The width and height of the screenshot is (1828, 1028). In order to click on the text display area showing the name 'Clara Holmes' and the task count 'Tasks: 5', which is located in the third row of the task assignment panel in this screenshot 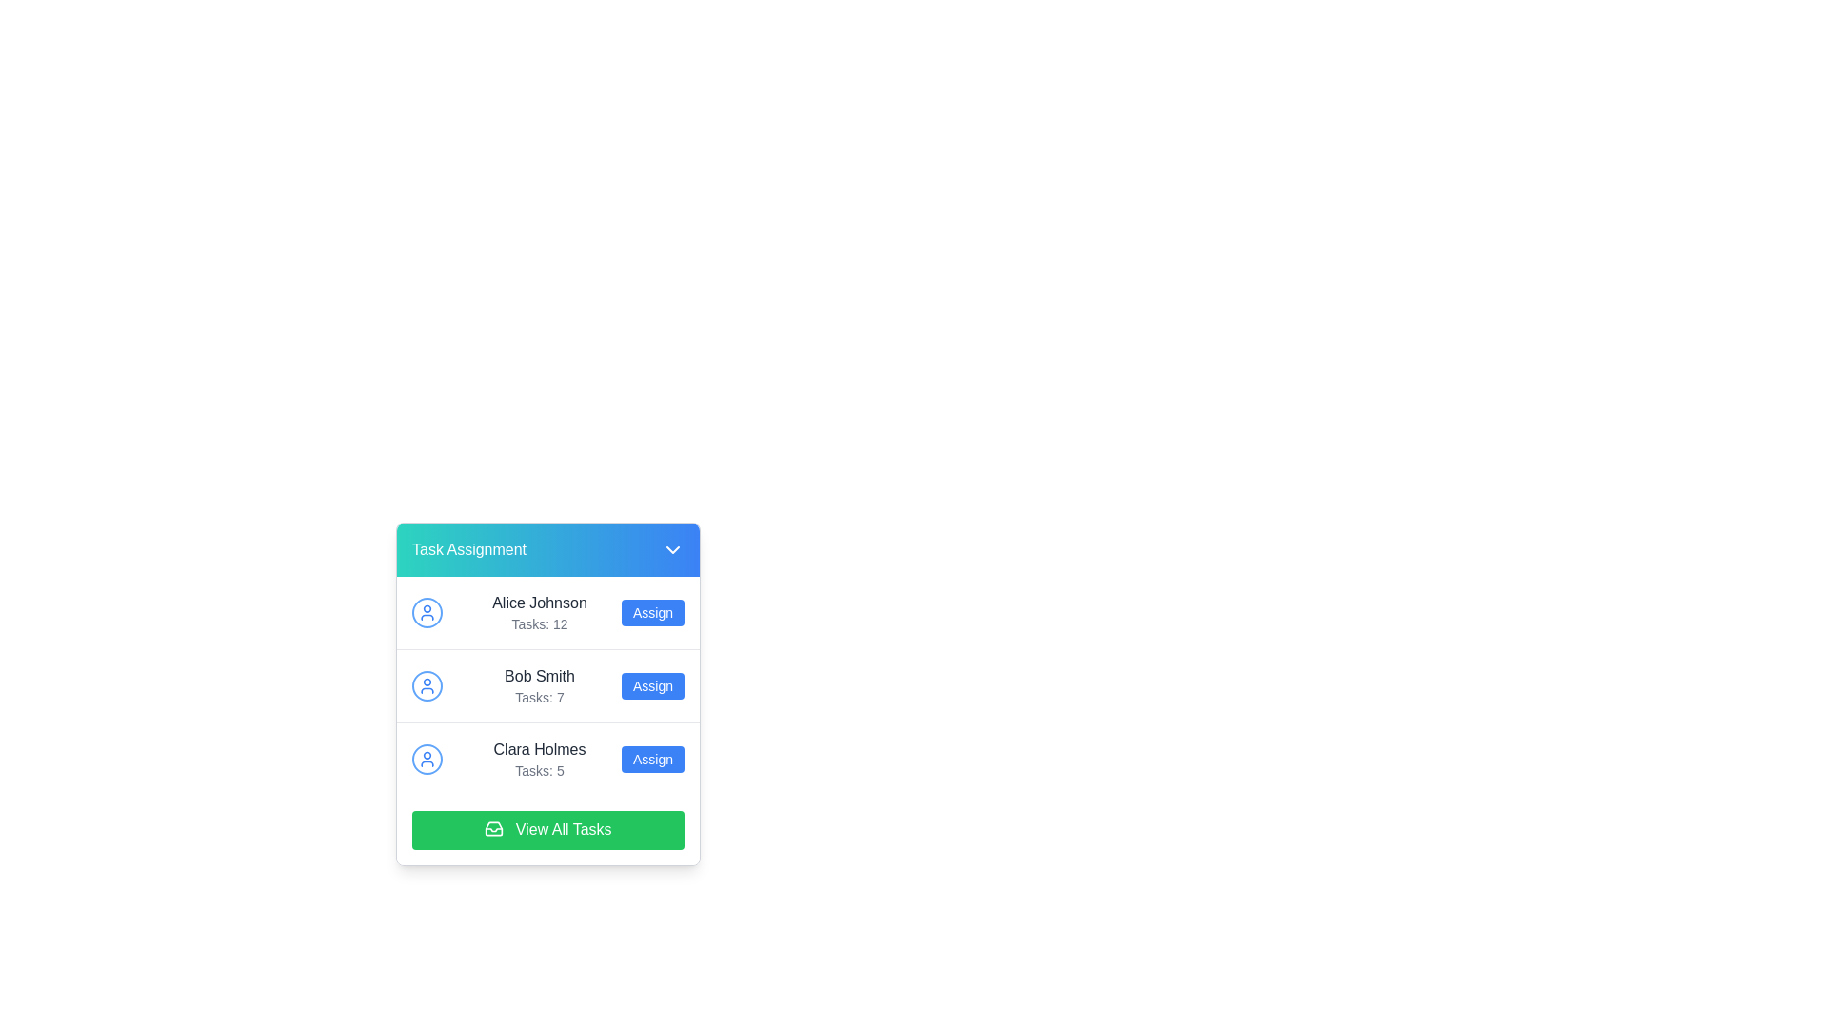, I will do `click(538, 759)`.